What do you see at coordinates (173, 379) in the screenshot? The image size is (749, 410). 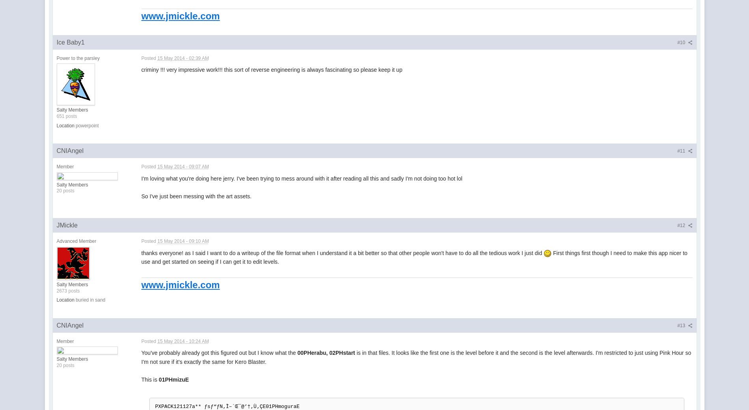 I see `'01PHmizuE'` at bounding box center [173, 379].